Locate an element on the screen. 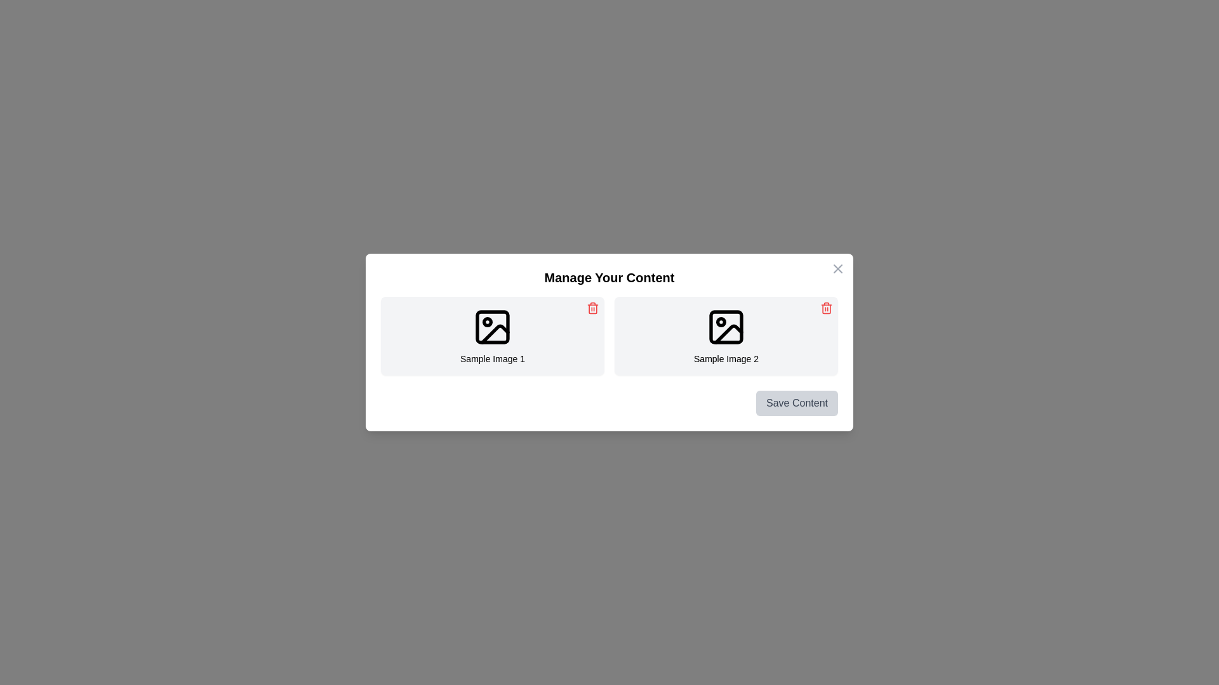 This screenshot has width=1219, height=685. the delete button for the image titled Sample Image 2 is located at coordinates (826, 308).